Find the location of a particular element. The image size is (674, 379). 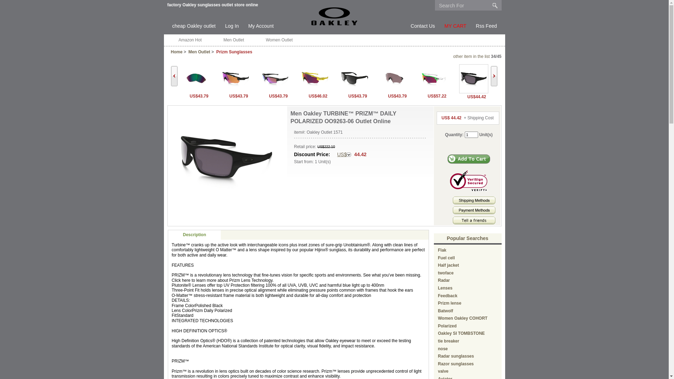

'MY CART' is located at coordinates (455, 26).